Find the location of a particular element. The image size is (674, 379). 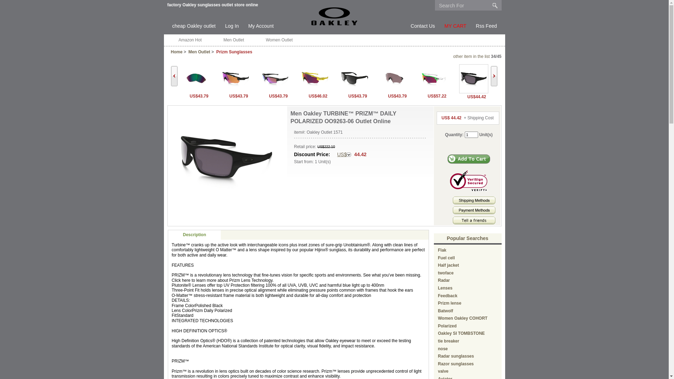

'MY CART' is located at coordinates (455, 26).